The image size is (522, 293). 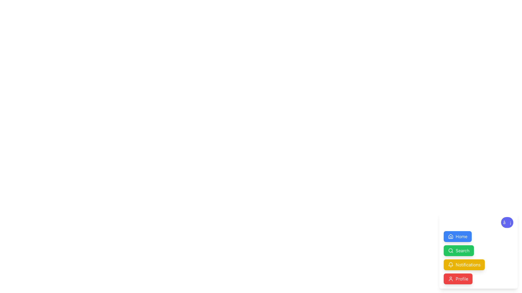 I want to click on the yellow bell icon representing notifications, located in the bottom-right section of the interface, so click(x=450, y=264).